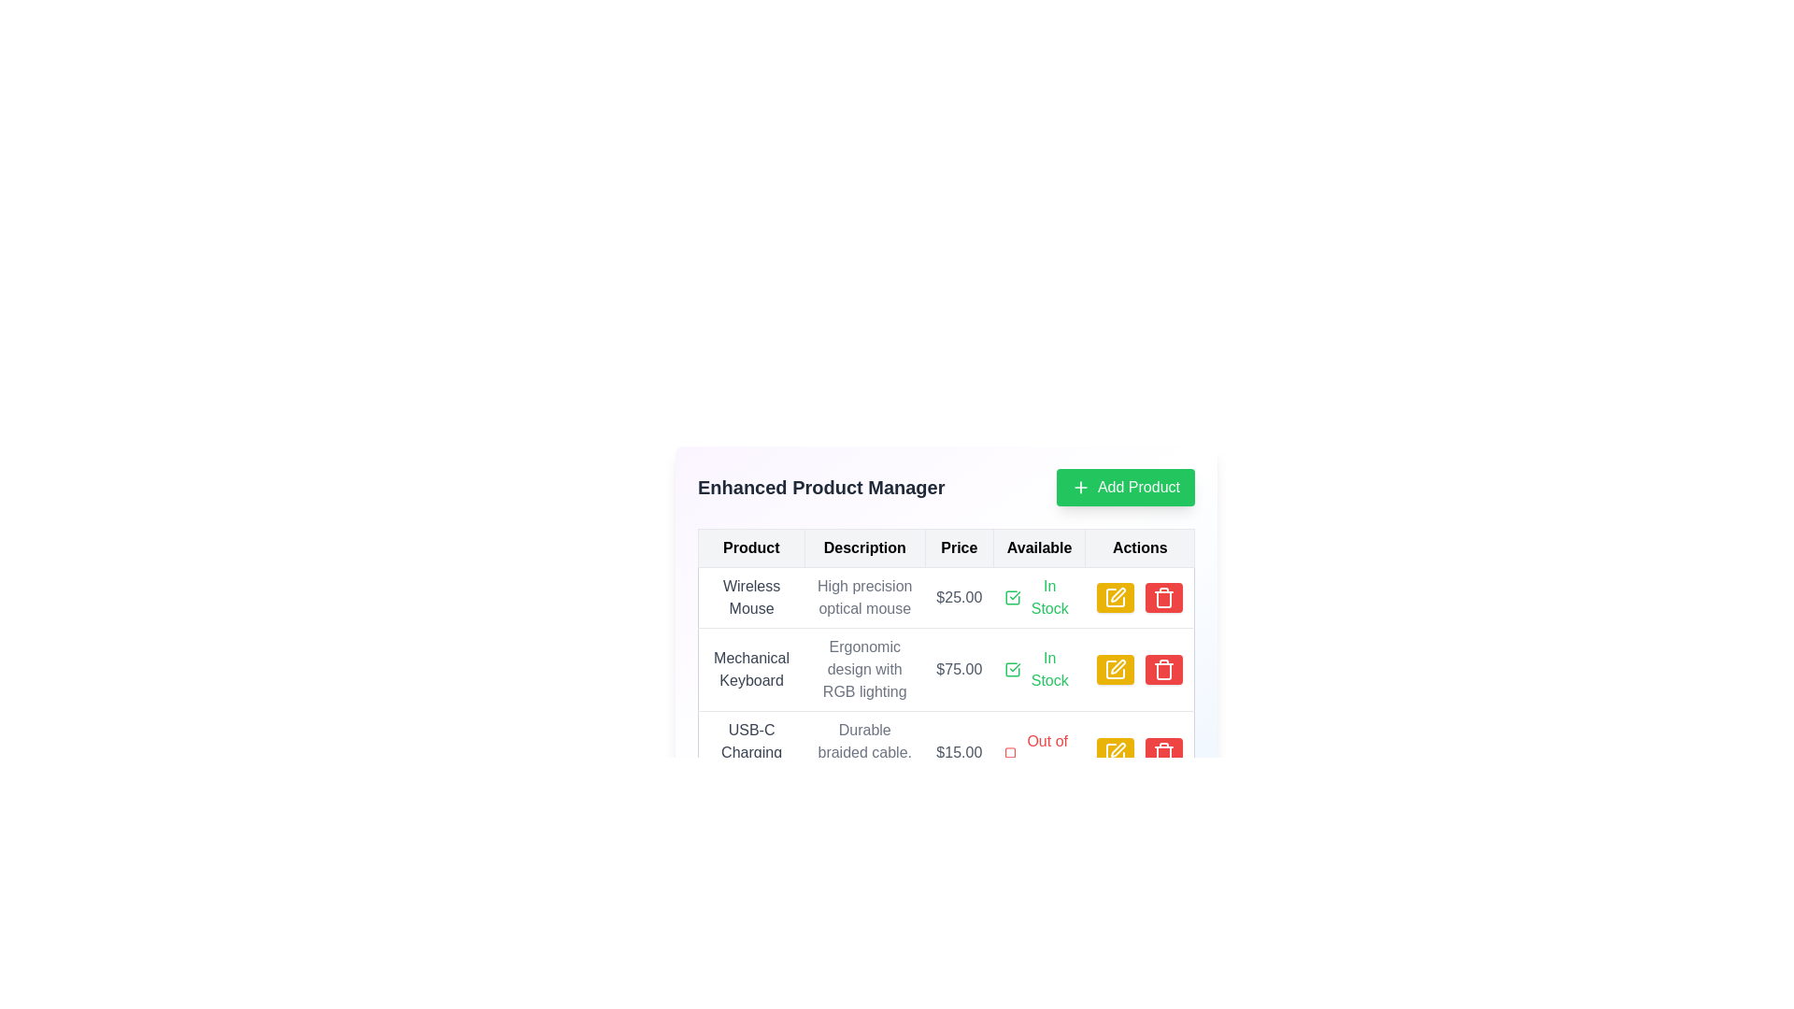  Describe the element at coordinates (751, 547) in the screenshot. I see `the 'Product' column header in the table, which is the first cell in the row of headers at the top, positioned to the far left of the other headers like 'Description', 'Price', 'Available', and 'Actions'` at that location.